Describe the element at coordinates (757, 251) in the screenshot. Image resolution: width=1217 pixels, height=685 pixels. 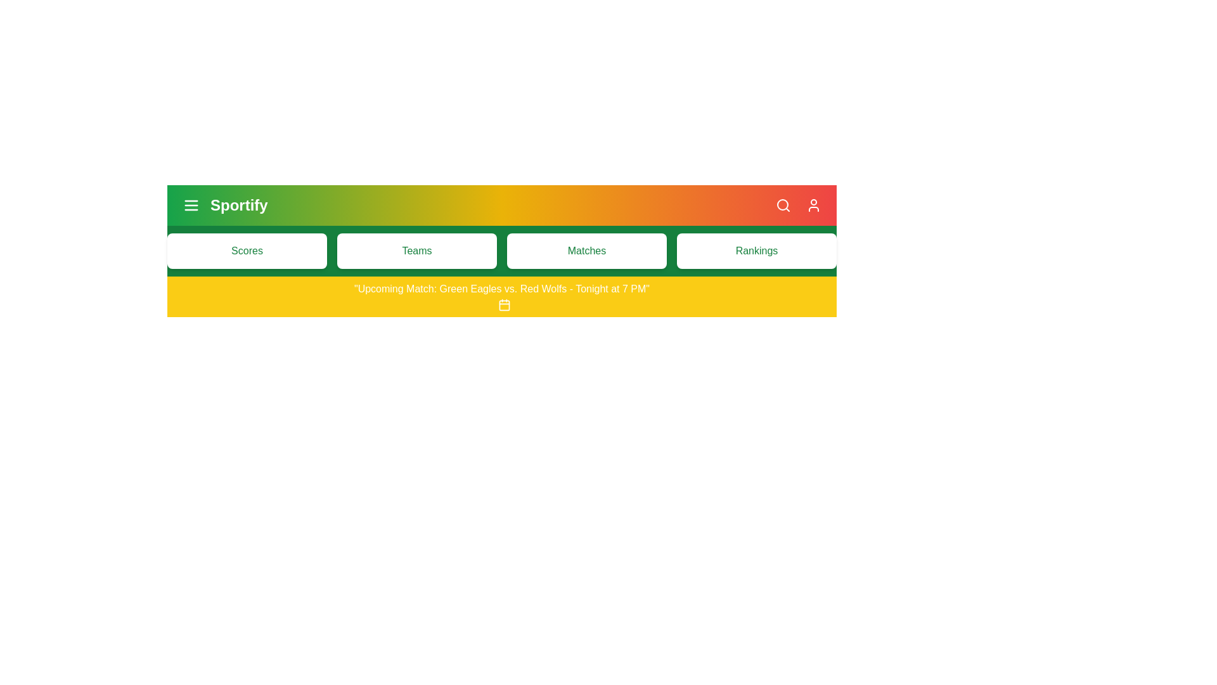
I see `the menu item Rankings from the navigation bar` at that location.